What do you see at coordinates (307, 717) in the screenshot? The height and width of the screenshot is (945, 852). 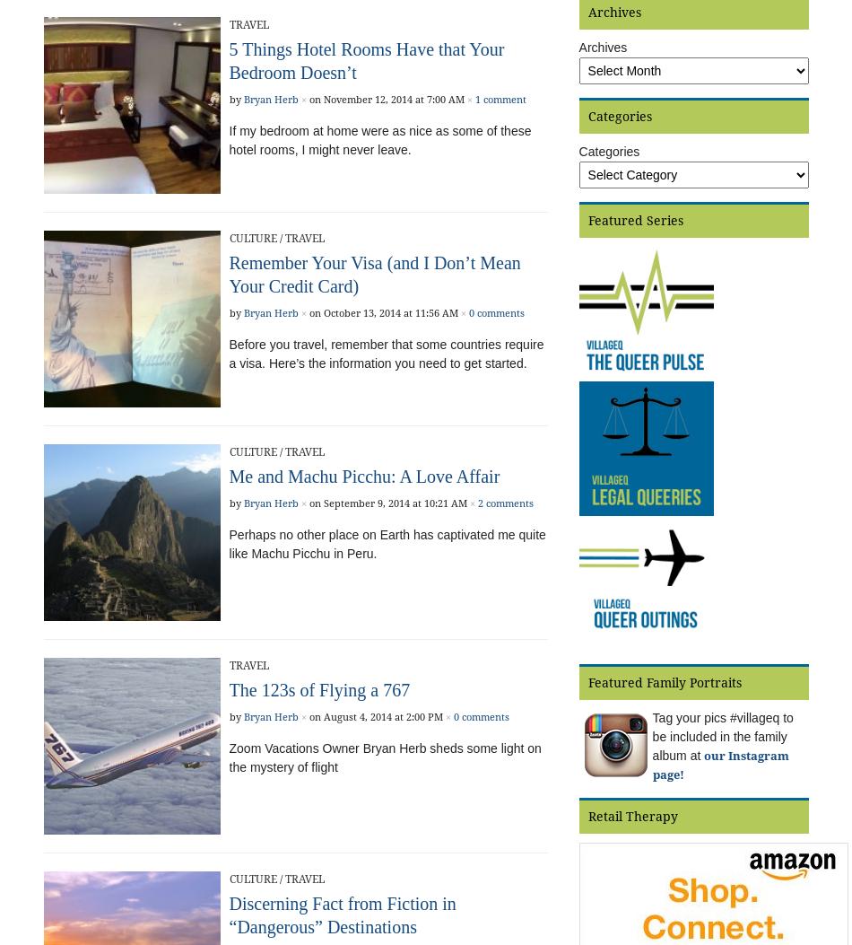 I see `'on August 4, 2014 at 2:00 PM'` at bounding box center [307, 717].